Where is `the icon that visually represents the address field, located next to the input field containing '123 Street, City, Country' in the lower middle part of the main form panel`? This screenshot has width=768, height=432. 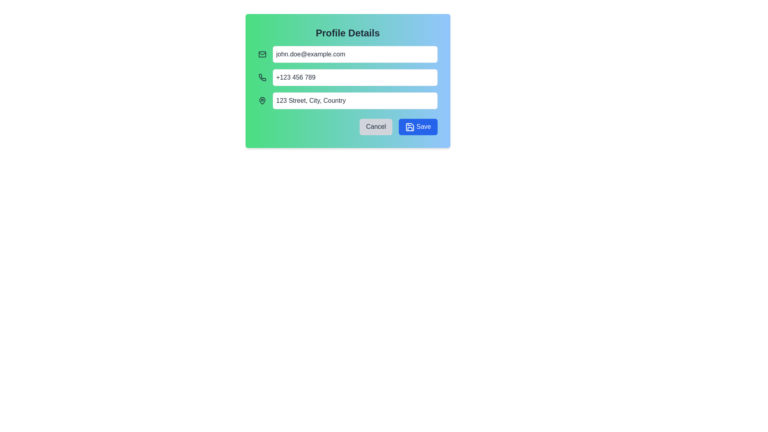 the icon that visually represents the address field, located next to the input field containing '123 Street, City, Country' in the lower middle part of the main form panel is located at coordinates (262, 100).